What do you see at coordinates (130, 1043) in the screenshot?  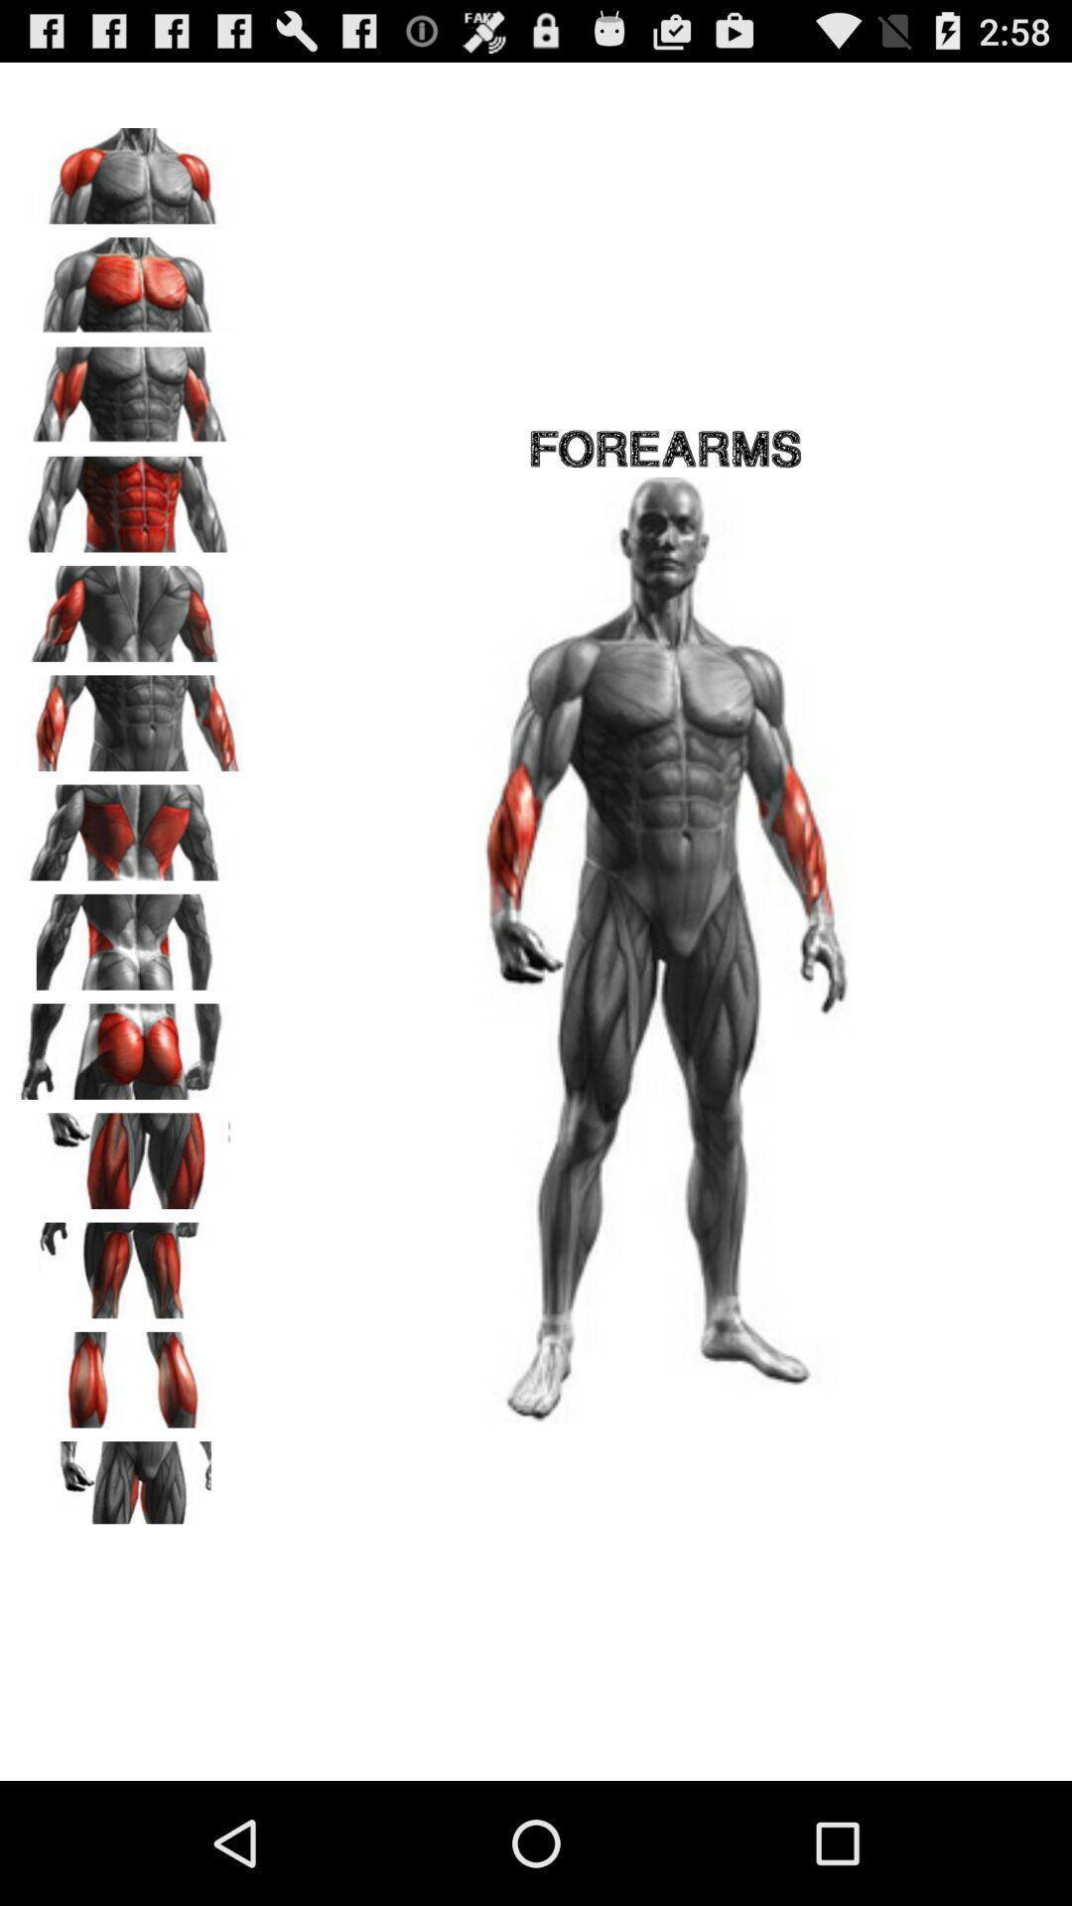 I see `gluteus workouts` at bounding box center [130, 1043].